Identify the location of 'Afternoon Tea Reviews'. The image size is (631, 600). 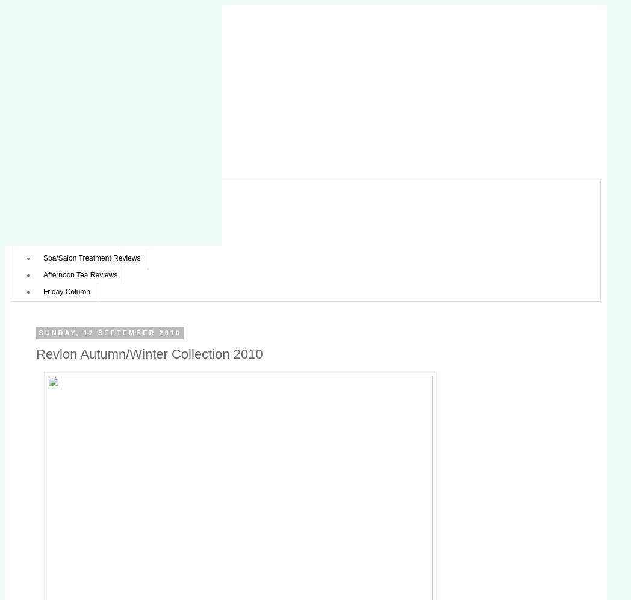
(80, 275).